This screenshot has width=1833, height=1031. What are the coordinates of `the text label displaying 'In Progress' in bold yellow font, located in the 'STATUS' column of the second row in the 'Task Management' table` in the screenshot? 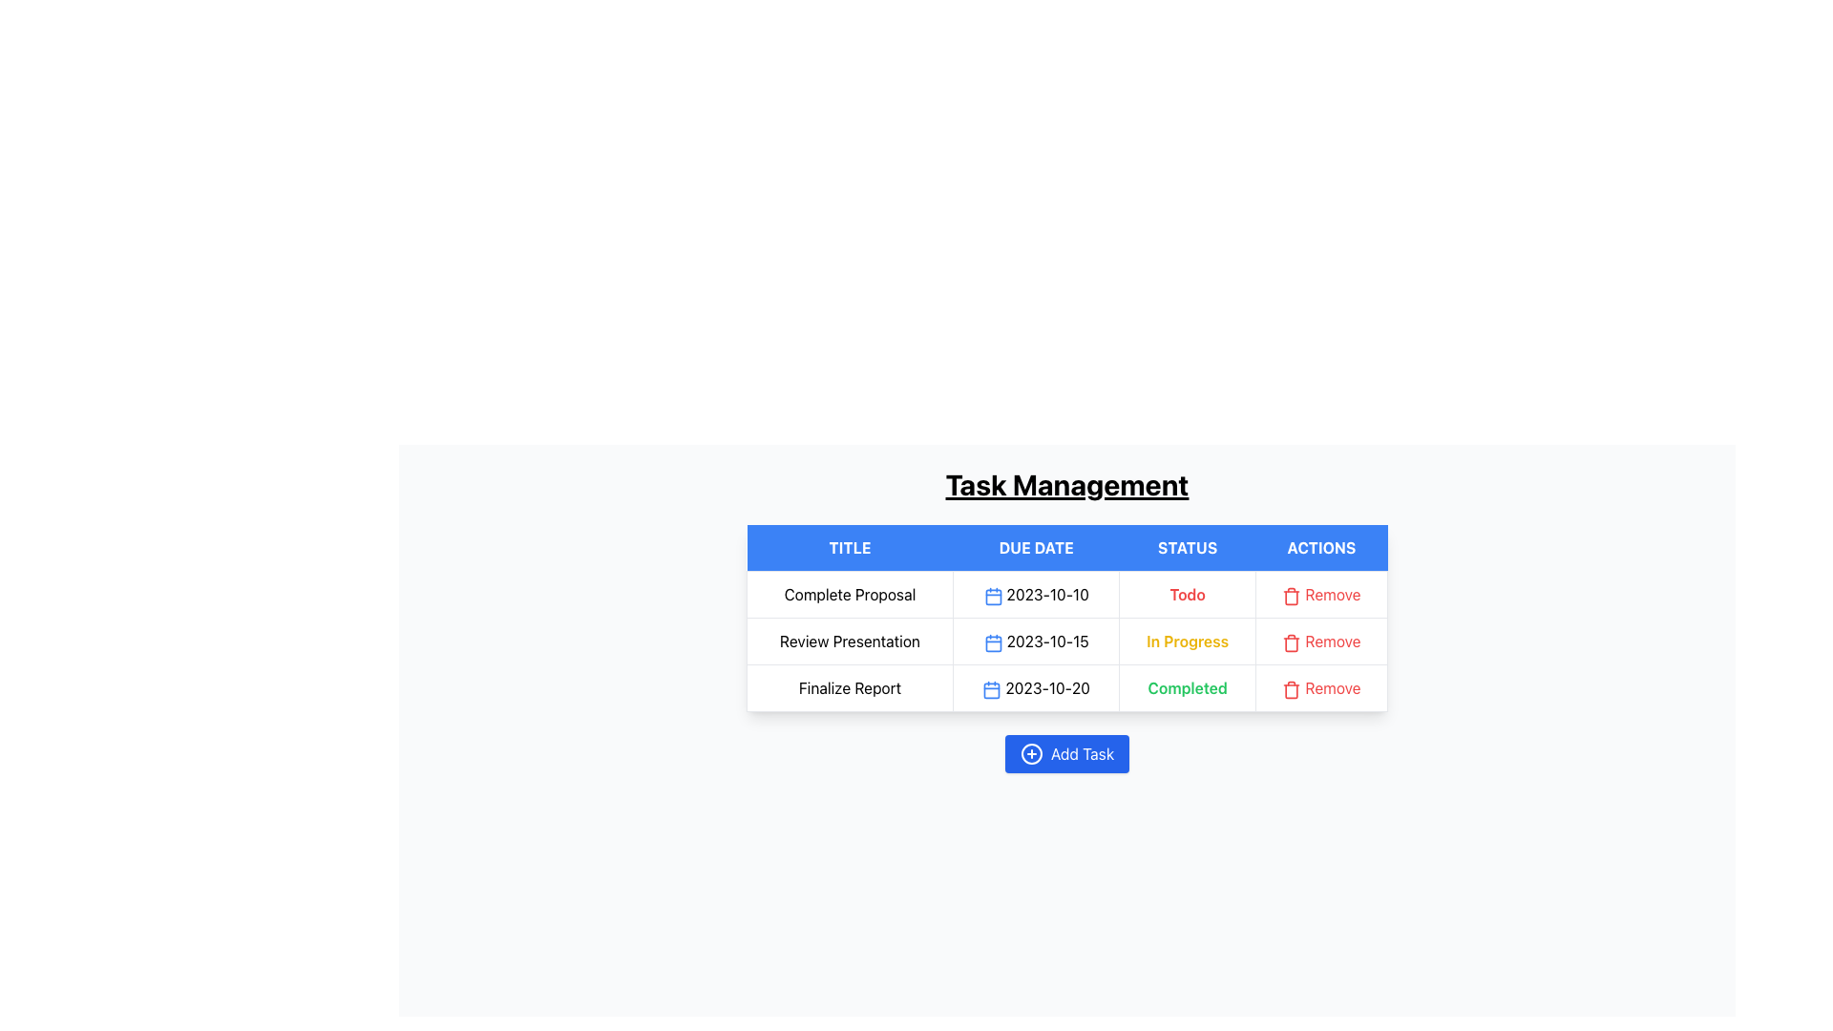 It's located at (1187, 641).